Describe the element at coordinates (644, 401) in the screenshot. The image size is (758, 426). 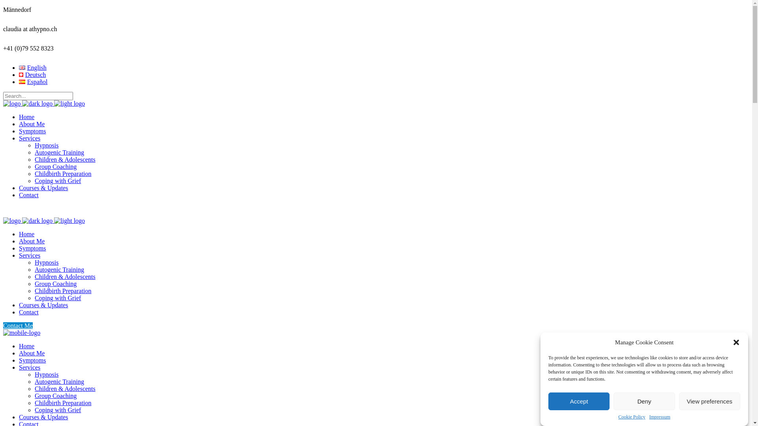
I see `'Deny'` at that location.